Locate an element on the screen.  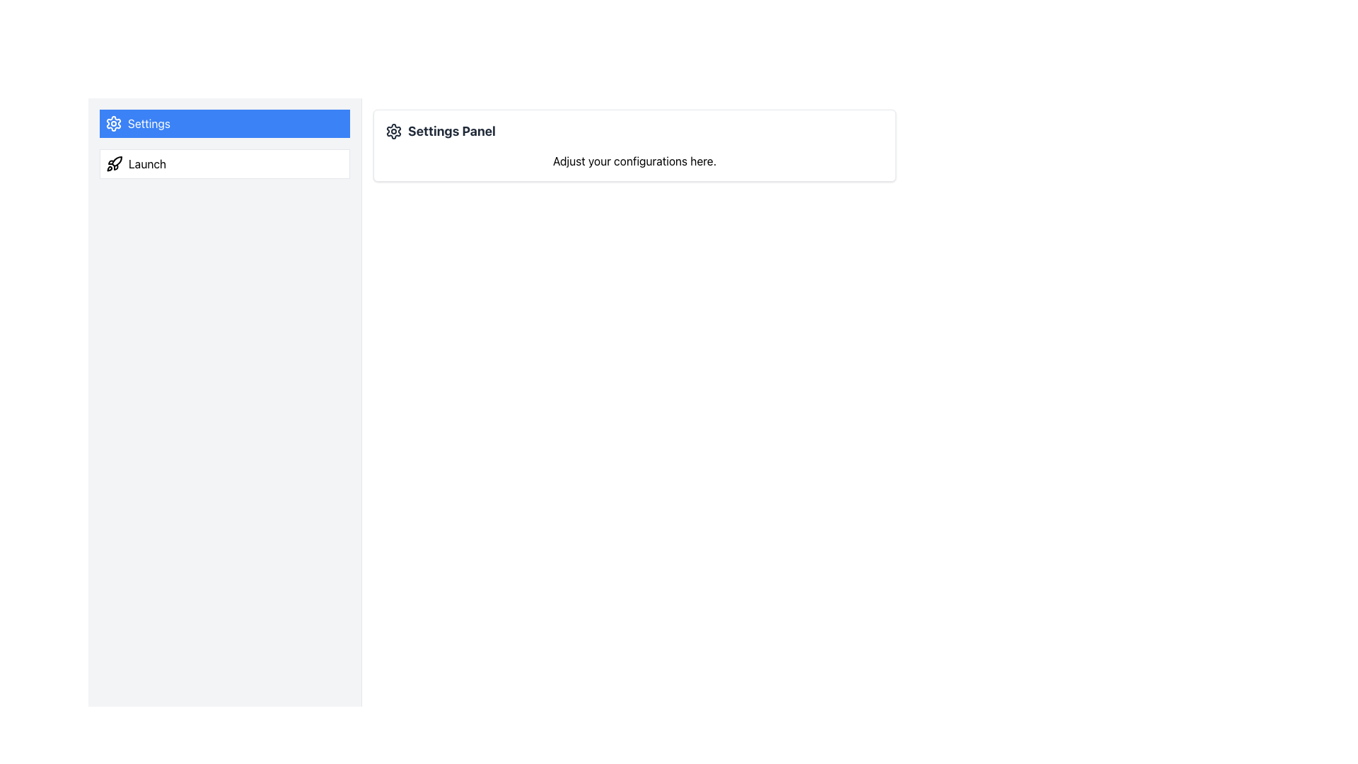
the gear icon with a blue background and white foreground, which is part of the highlighted 'Settings' button in the sidebar menu is located at coordinates (114, 122).